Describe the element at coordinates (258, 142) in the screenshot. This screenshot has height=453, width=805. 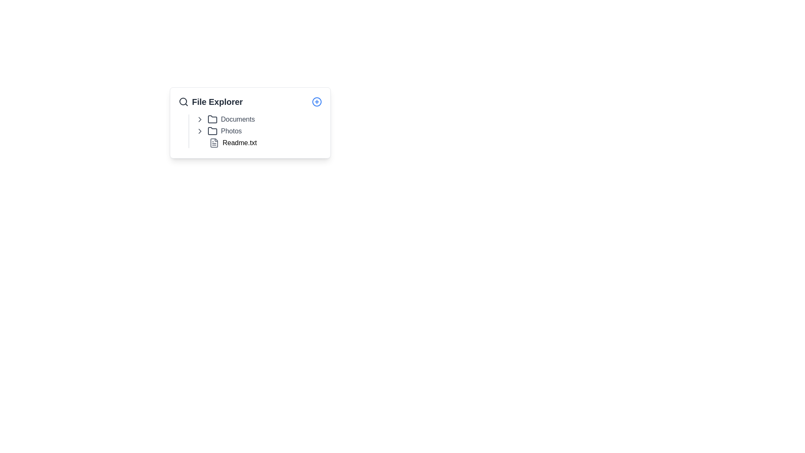
I see `the 'Readme.txt' file in the file explorer` at that location.